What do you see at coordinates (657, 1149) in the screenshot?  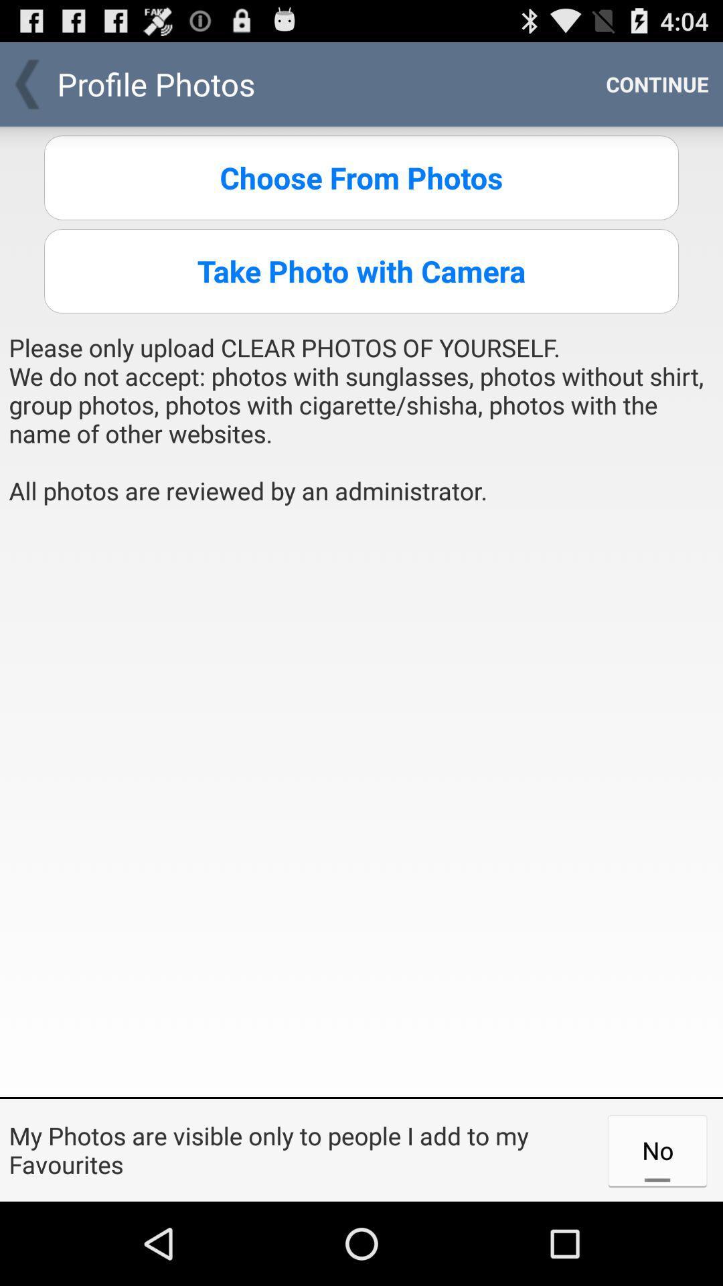 I see `no icon` at bounding box center [657, 1149].